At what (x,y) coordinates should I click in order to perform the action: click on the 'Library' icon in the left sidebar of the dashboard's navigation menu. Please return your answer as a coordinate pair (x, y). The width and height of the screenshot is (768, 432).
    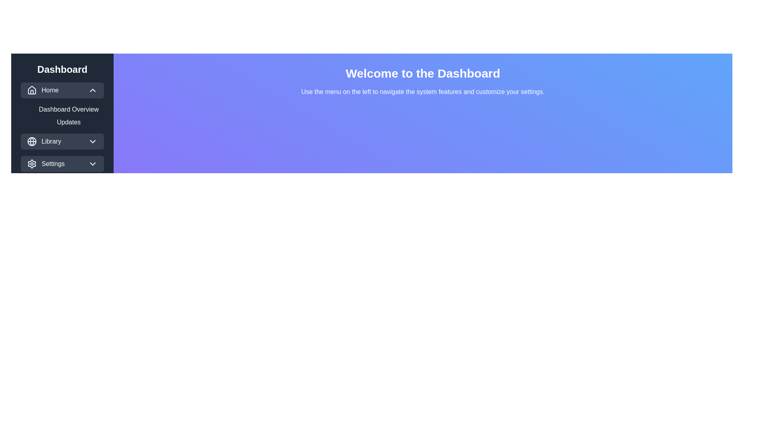
    Looking at the image, I should click on (32, 141).